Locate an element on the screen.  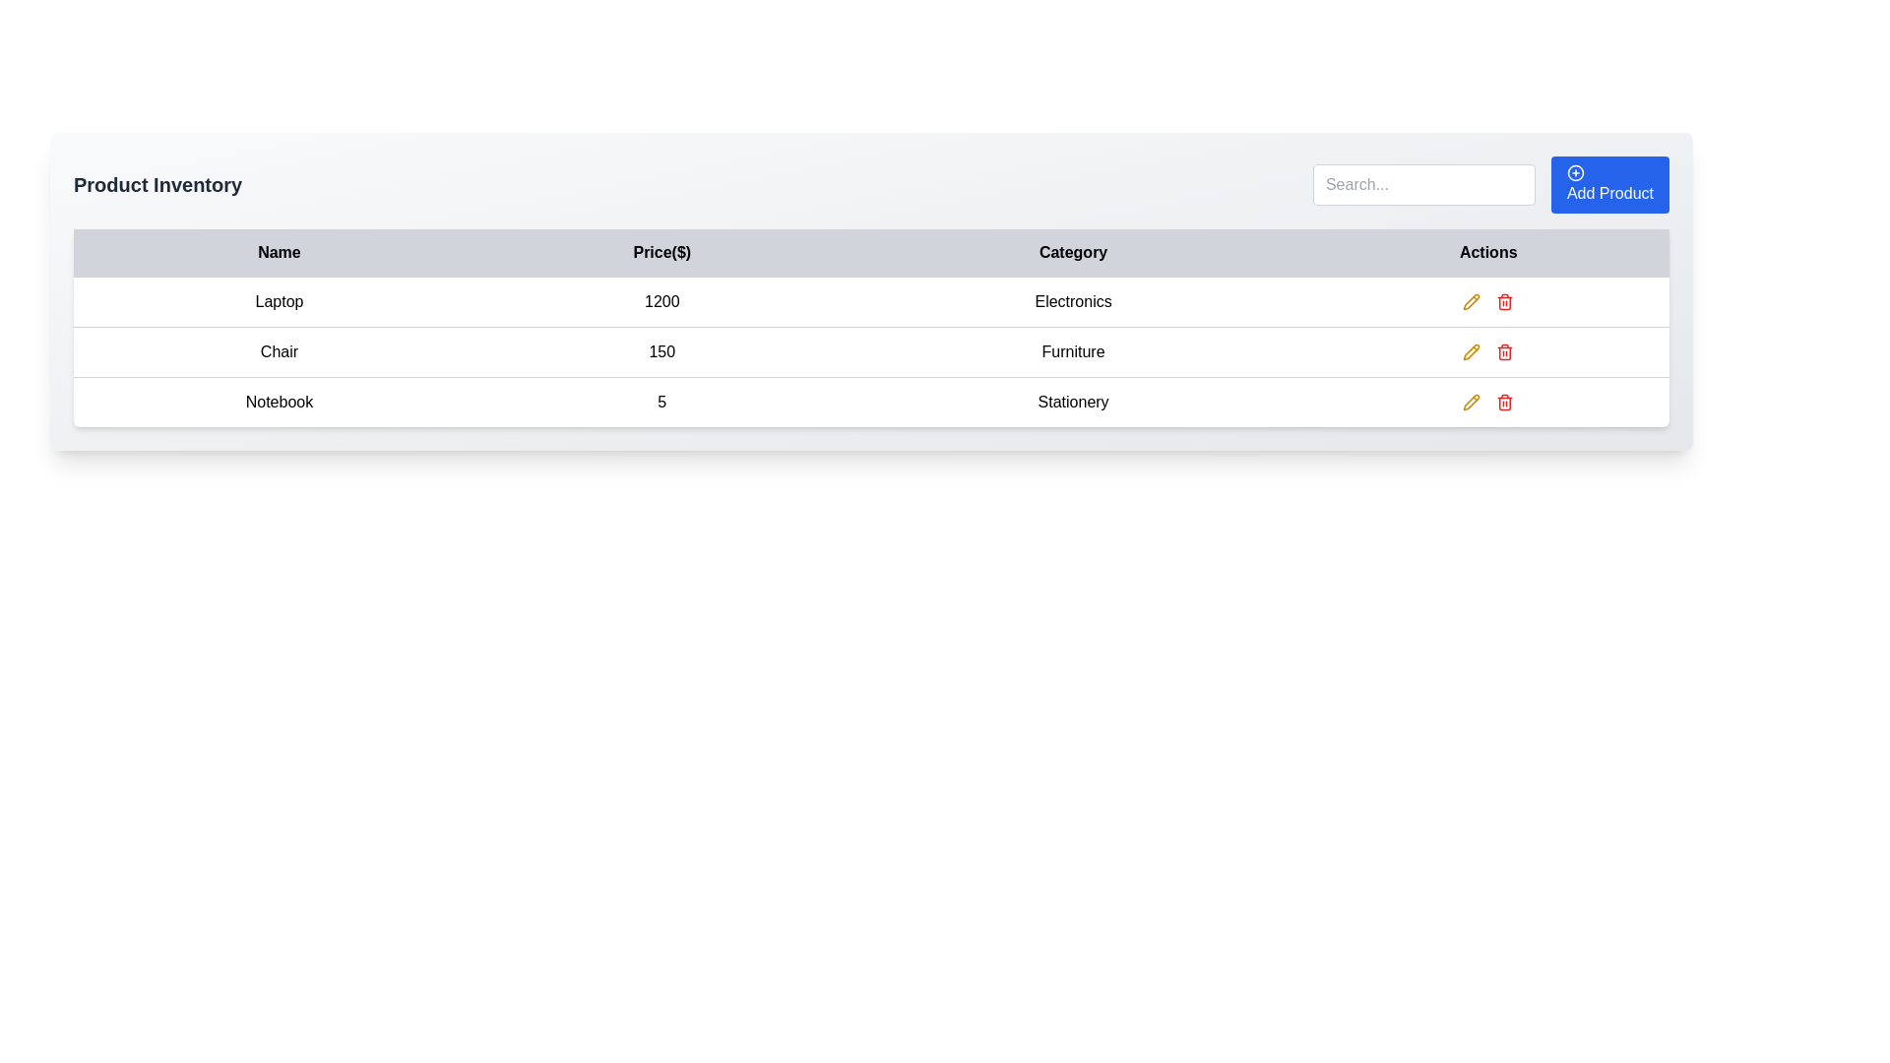
the last row of the table that contains the 'Notebook' item is located at coordinates (1488, 401).